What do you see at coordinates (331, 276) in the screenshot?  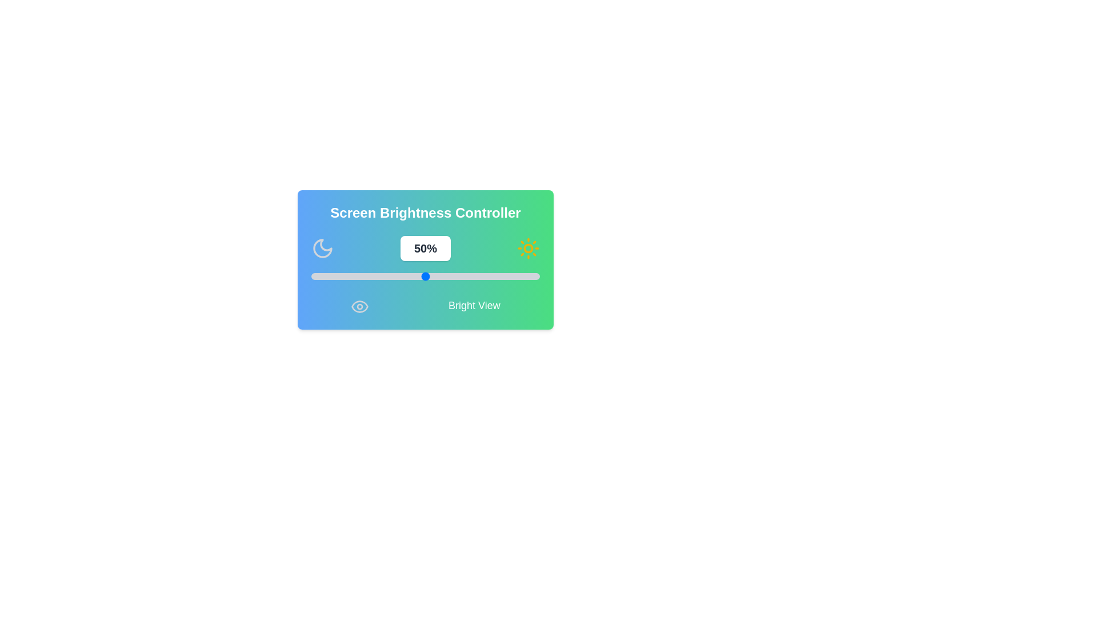 I see `the brightness level to 9% using the slider` at bounding box center [331, 276].